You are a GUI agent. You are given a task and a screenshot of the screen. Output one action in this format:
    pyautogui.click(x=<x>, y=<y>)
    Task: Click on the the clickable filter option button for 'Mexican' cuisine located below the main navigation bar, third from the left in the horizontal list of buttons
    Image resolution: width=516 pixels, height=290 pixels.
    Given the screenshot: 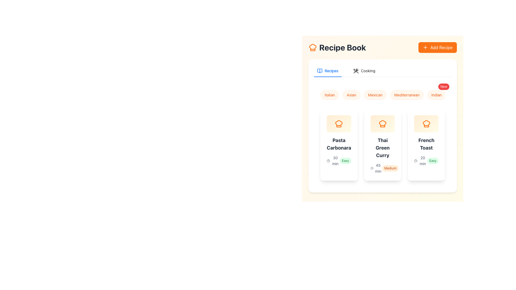 What is the action you would take?
    pyautogui.click(x=382, y=95)
    